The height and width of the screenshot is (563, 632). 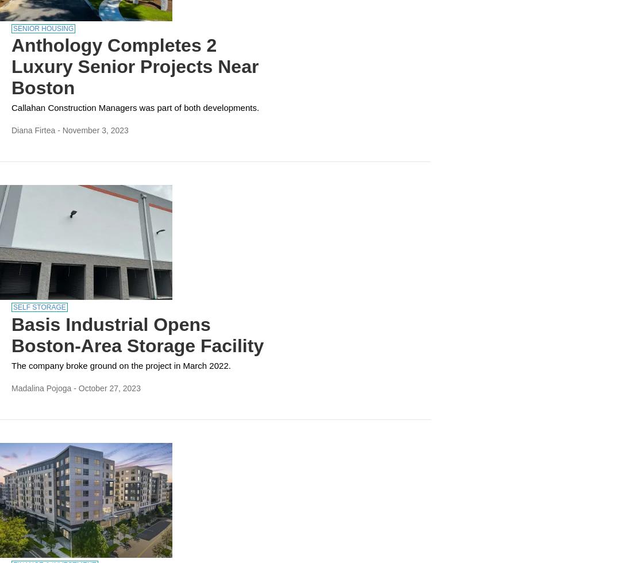 What do you see at coordinates (134, 67) in the screenshot?
I see `'Anthology Completes 2 Luxury Senior Projects Near Boston'` at bounding box center [134, 67].